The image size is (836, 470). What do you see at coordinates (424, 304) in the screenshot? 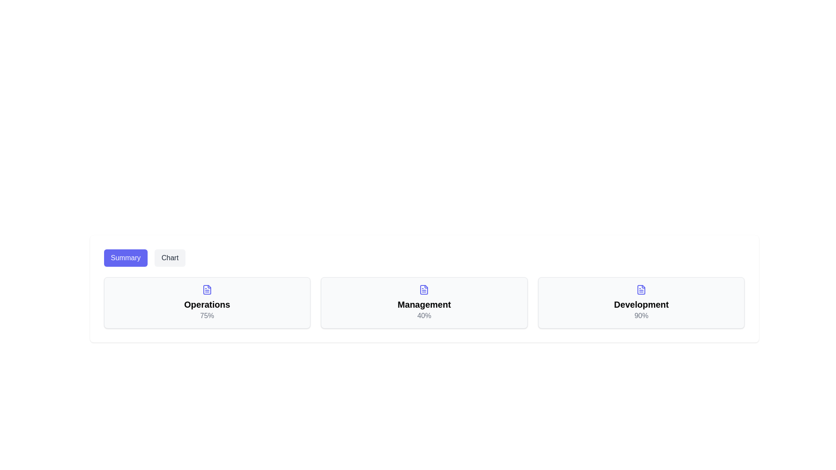
I see `header text 'Management' which is styled in bold and large font, located in the middle tile of a horizontal row of three tiles` at bounding box center [424, 304].